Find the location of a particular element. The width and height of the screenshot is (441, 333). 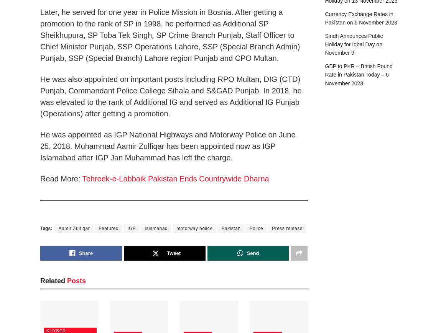

'motorway police' is located at coordinates (194, 228).